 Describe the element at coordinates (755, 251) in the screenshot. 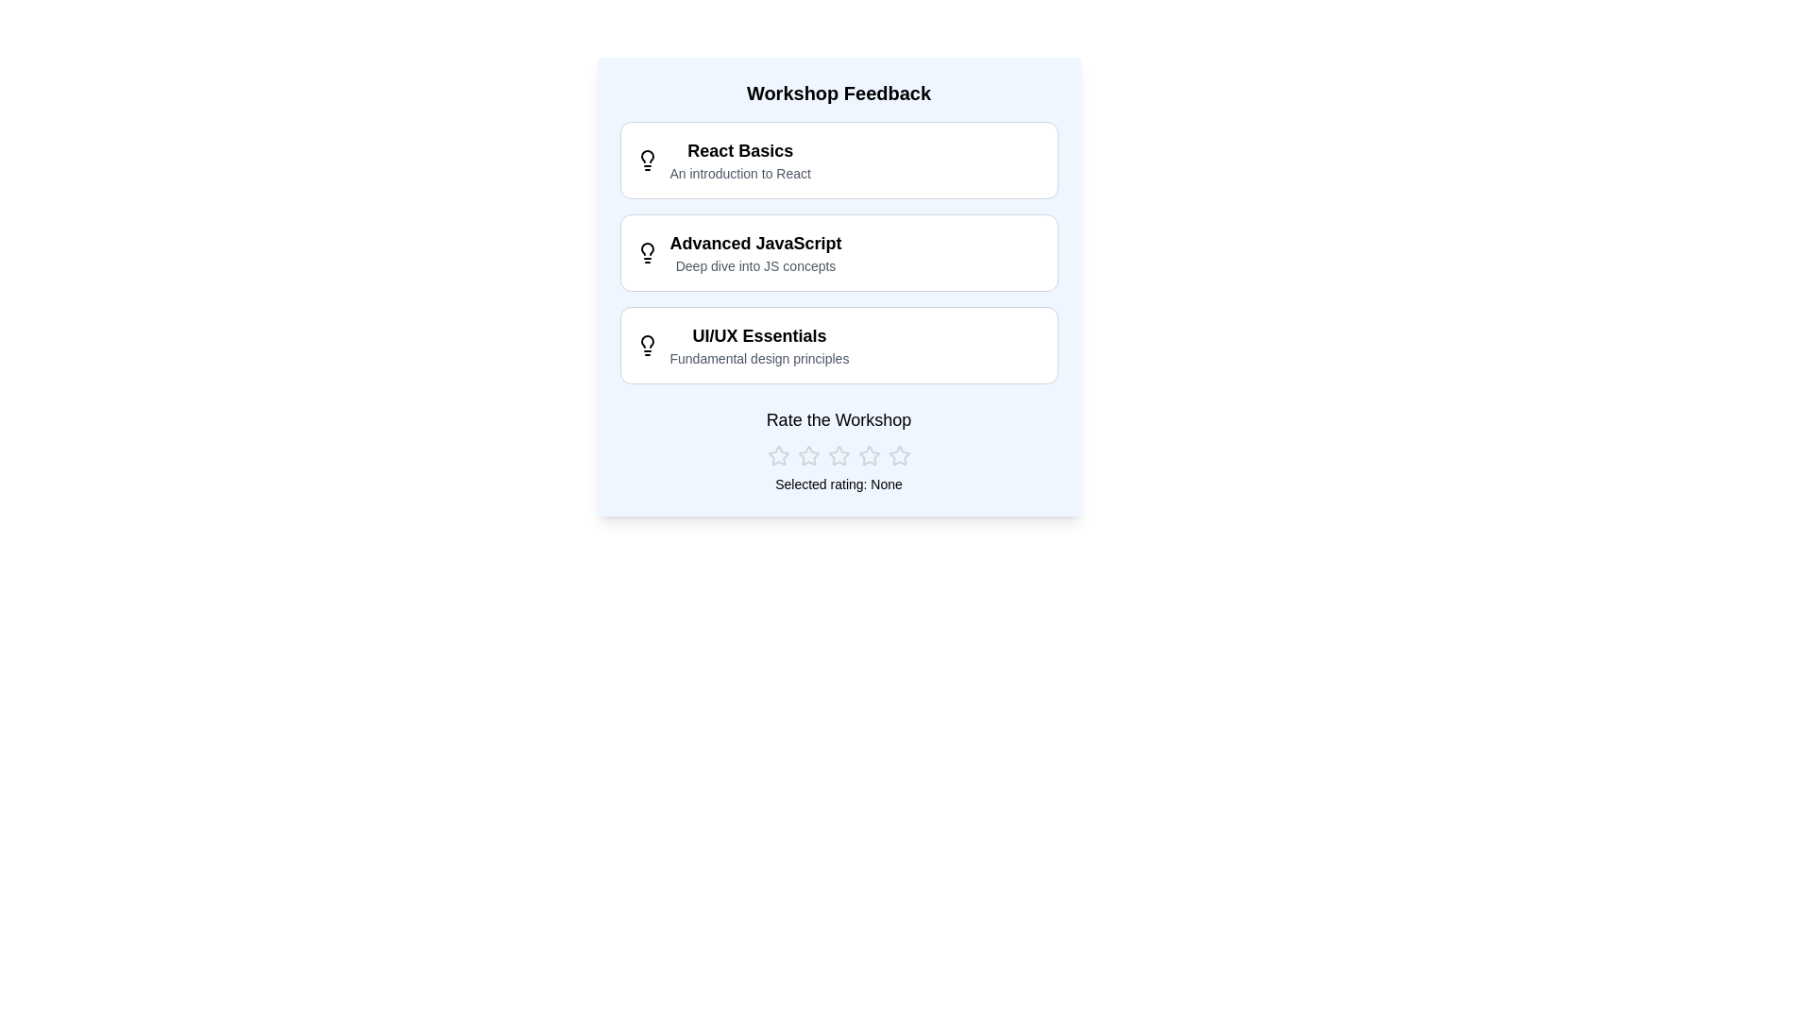

I see `text content of the text block displaying the title and brief description of a workshop or topic, located in the center section of the interface, specifically in the second position of a vertically stacked list` at that location.